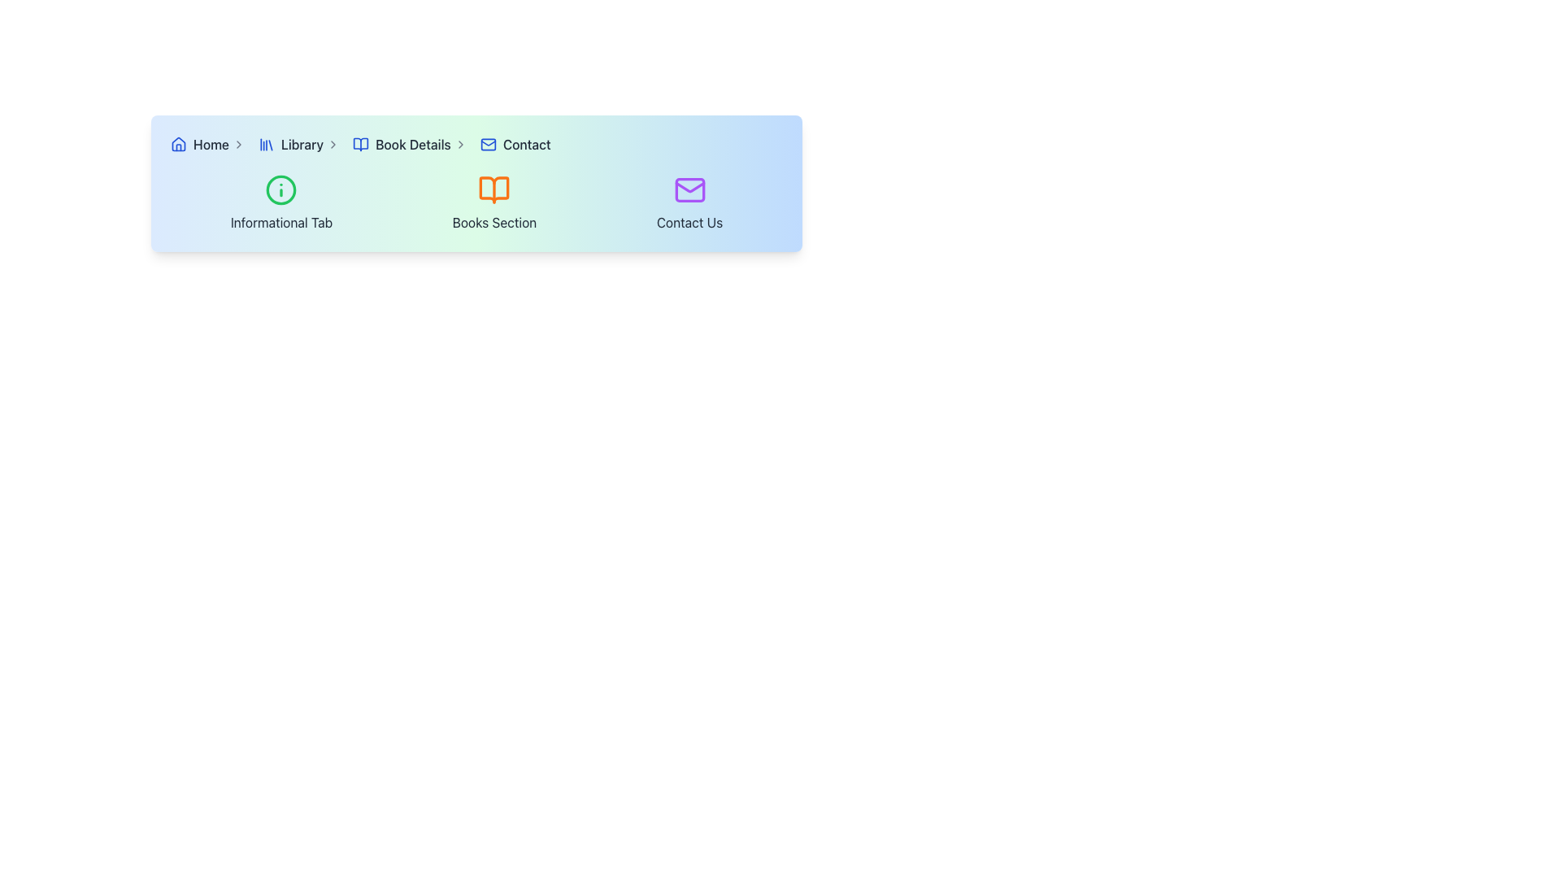  I want to click on the central Circular SVG element positioned in the header section of the interface, so click(281, 189).